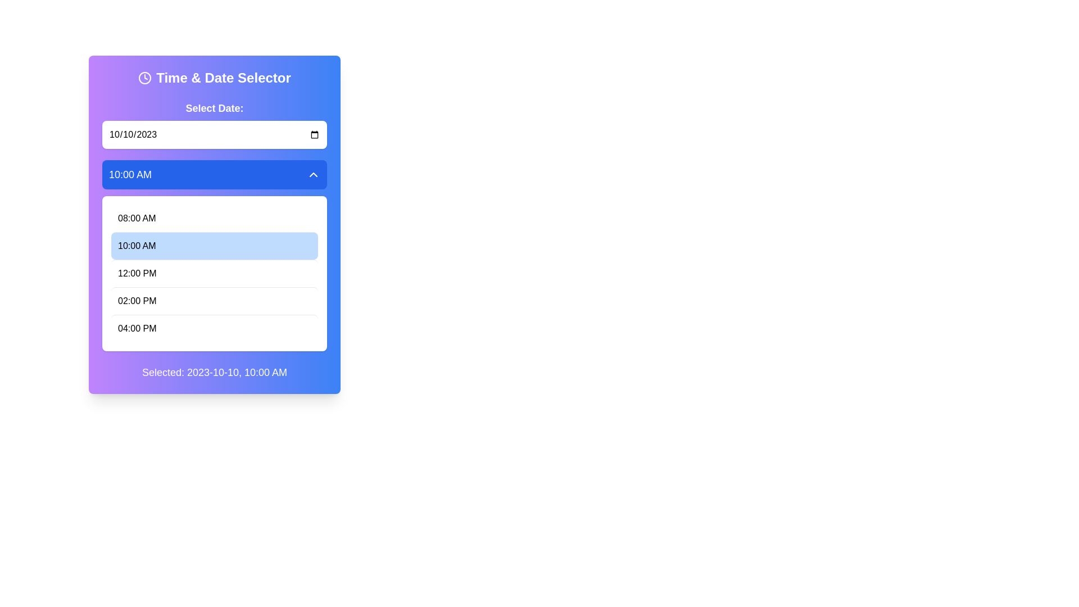 This screenshot has height=607, width=1079. Describe the element at coordinates (144, 77) in the screenshot. I see `the clock icon located at the top-left corner of the interface header, next to the 'Time & Date Selector' title` at that location.